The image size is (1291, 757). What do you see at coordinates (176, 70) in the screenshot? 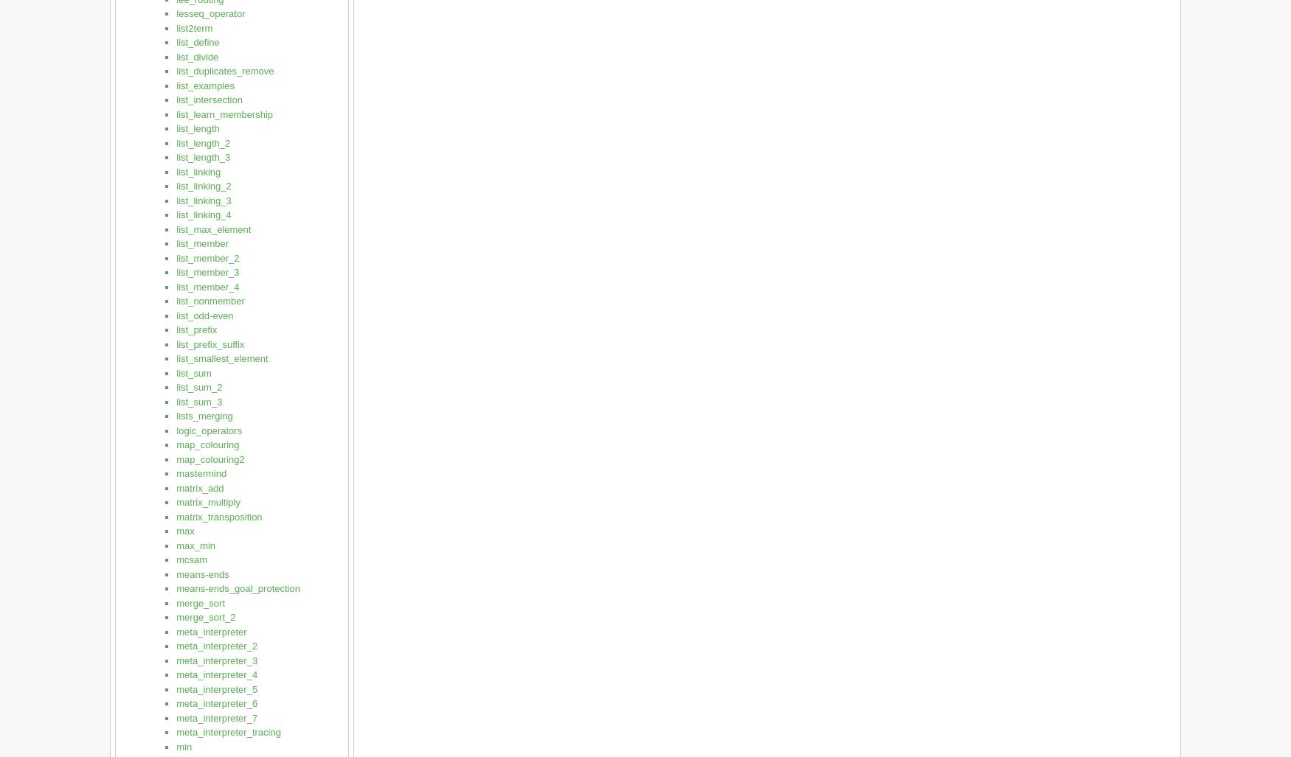
I see `'list_duplicates_remove'` at bounding box center [176, 70].